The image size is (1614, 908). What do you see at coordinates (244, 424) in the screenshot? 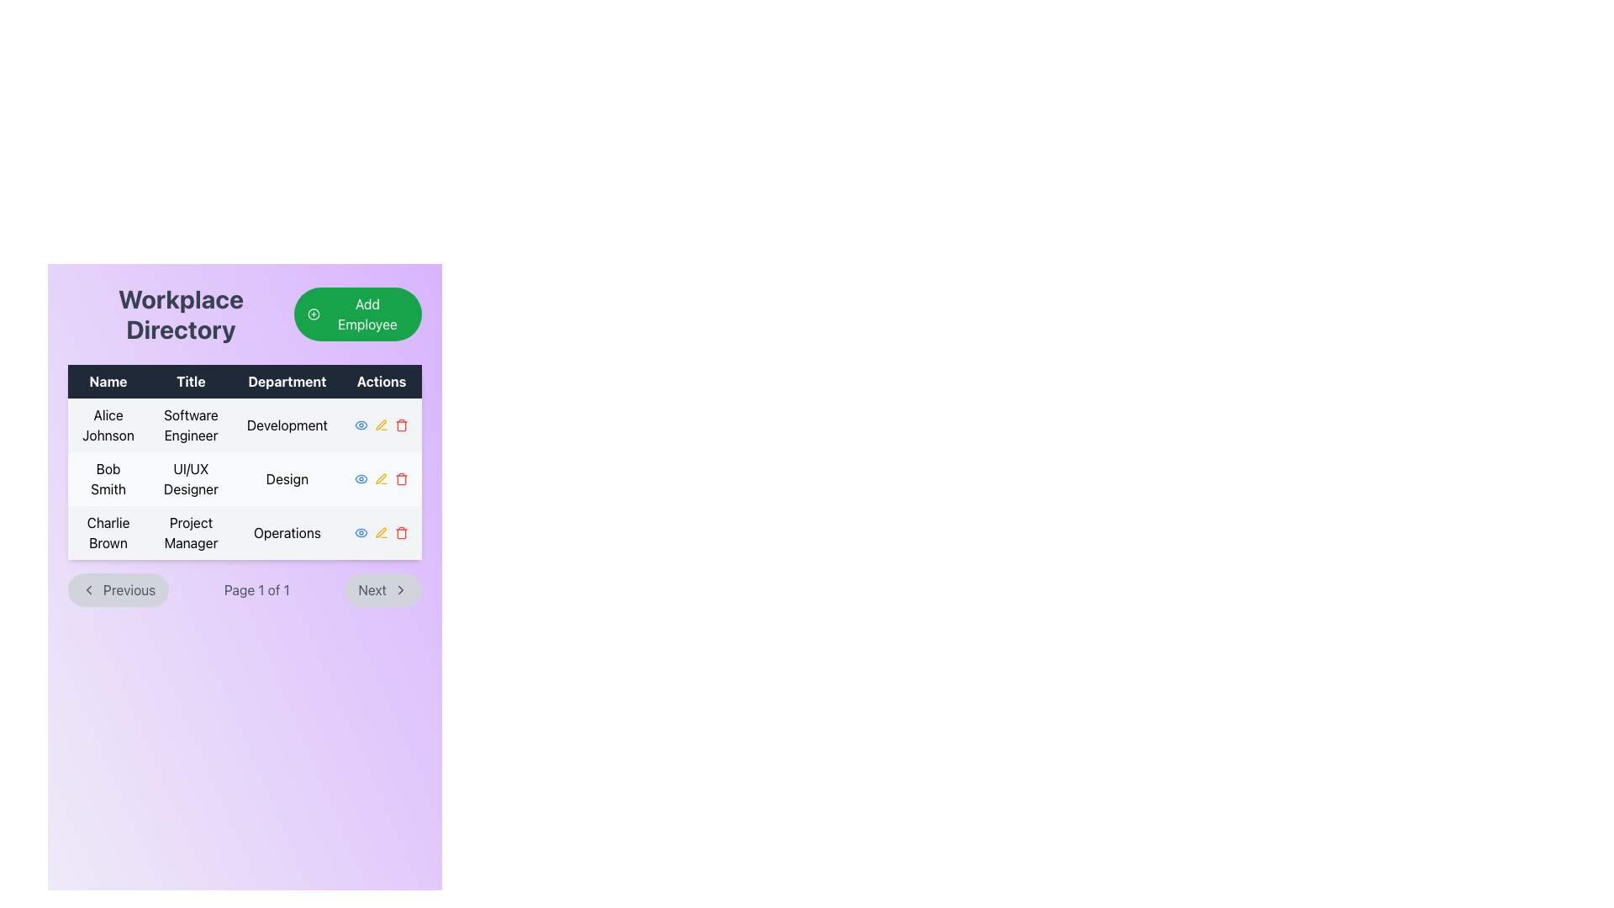
I see `the first row in the table displaying 'Alice Johnson', 'Software Engineer', and 'Development'` at bounding box center [244, 424].